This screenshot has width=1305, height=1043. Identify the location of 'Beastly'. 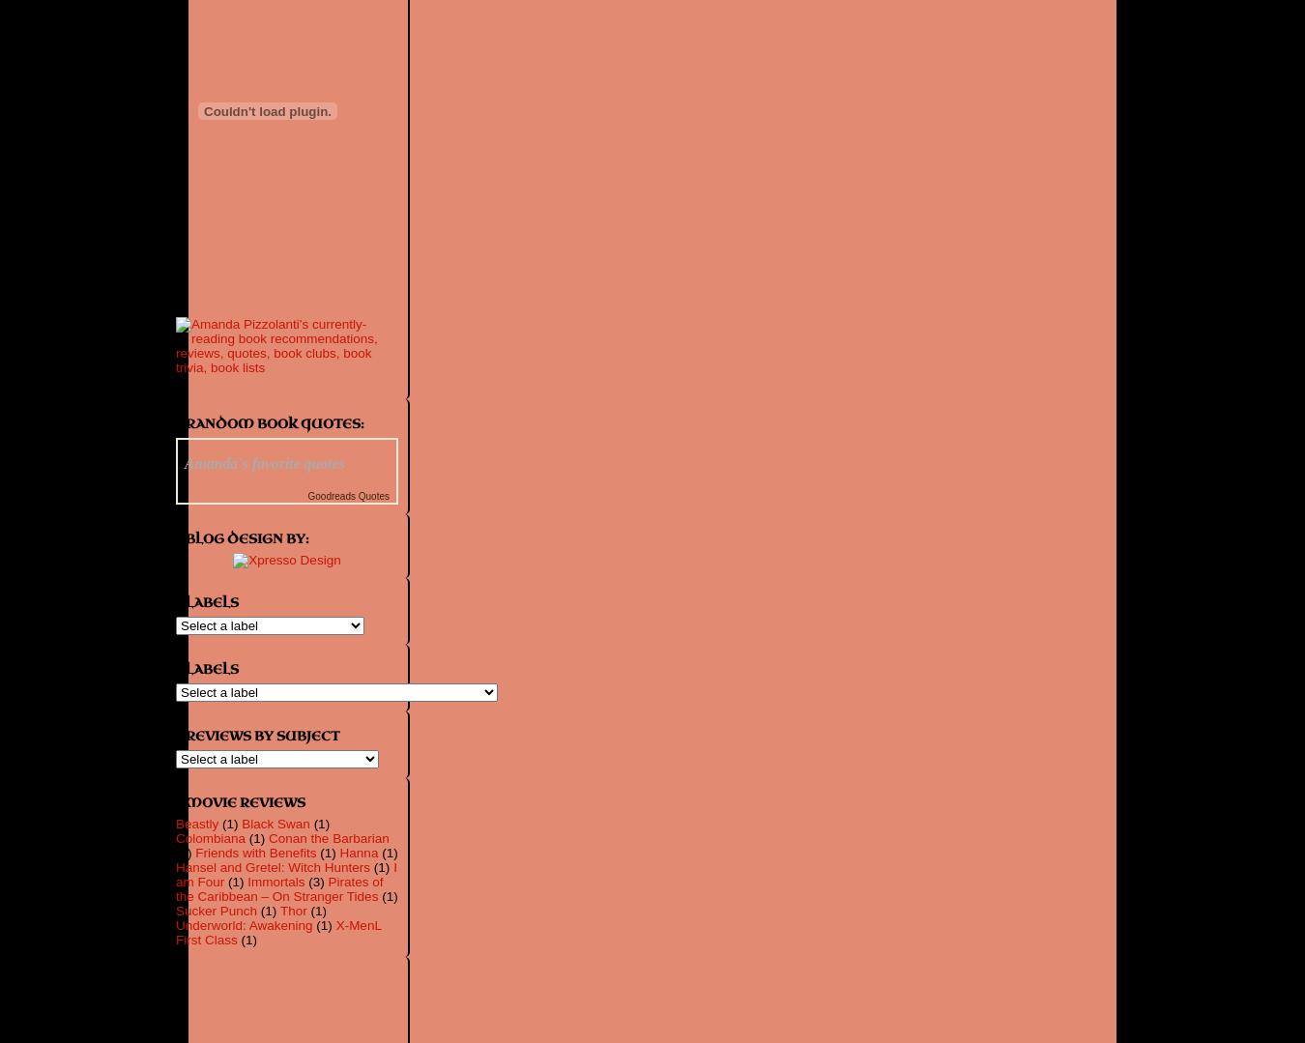
(196, 824).